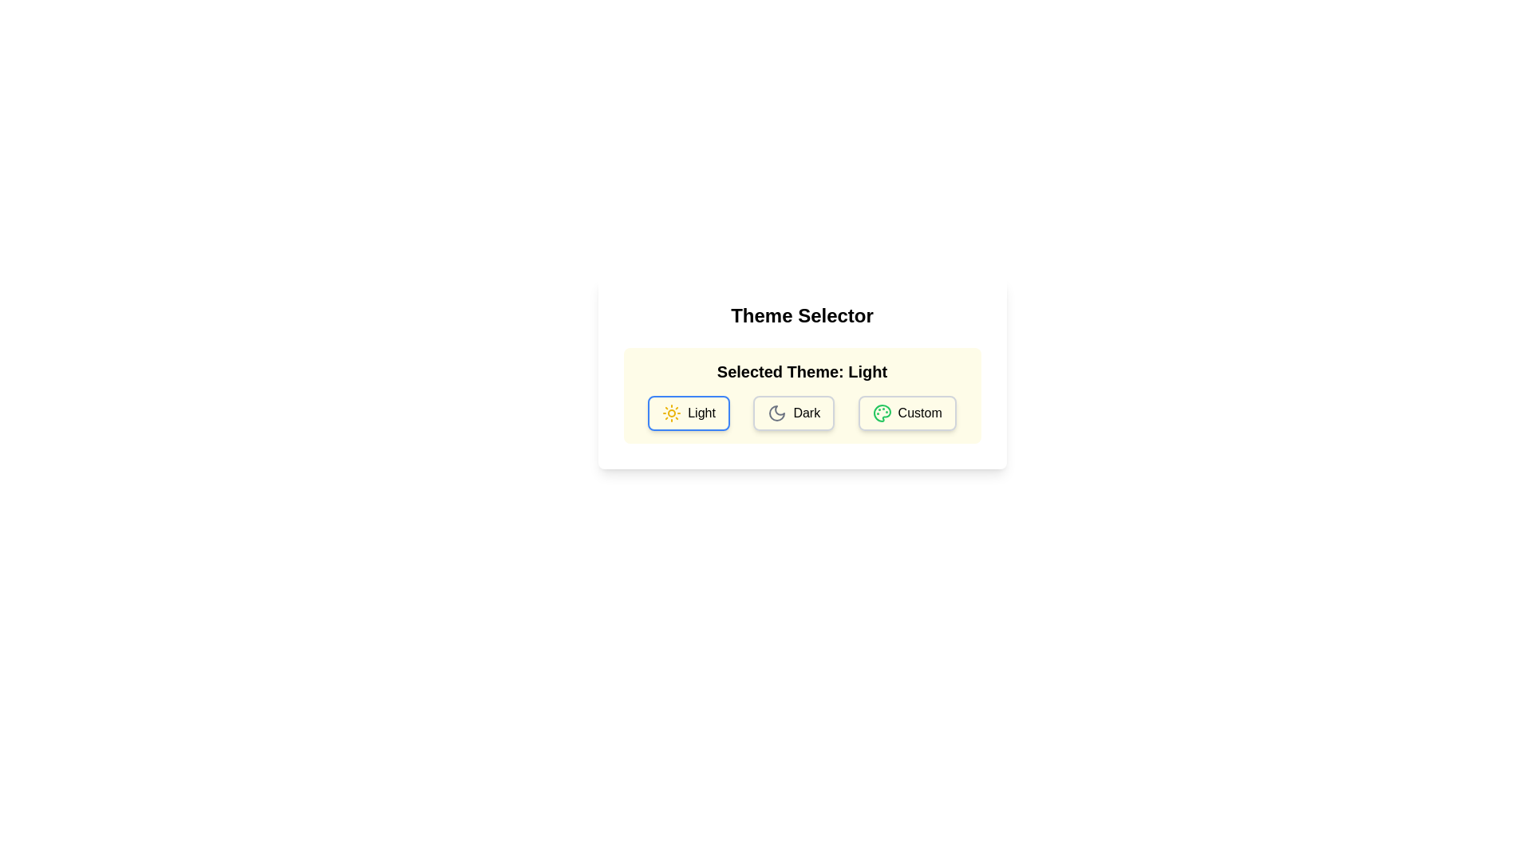 This screenshot has height=862, width=1532. I want to click on the 'Custom' label with a green palette icon, which is the third button in the theme selection row, located between the 'Light' and 'Dark' buttons, so click(907, 412).